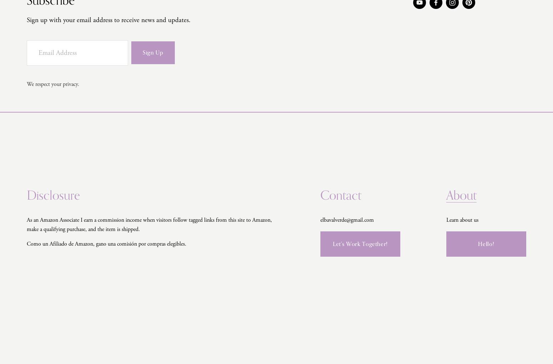  I want to click on 'elbavalverde@gmail.com', so click(346, 220).